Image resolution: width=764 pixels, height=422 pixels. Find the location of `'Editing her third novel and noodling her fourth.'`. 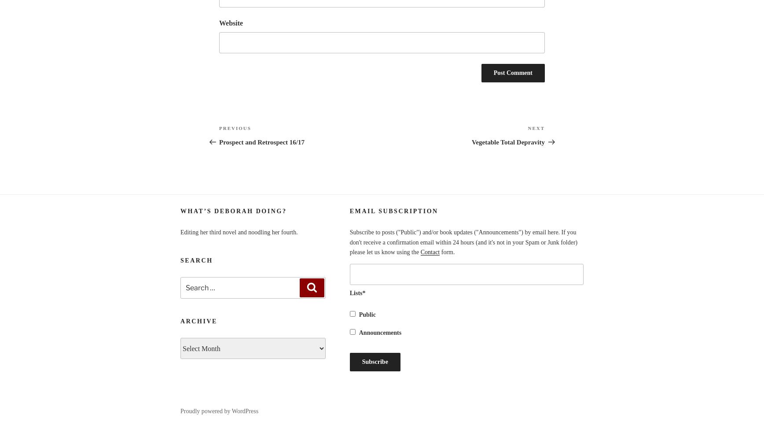

'Editing her third novel and noodling her fourth.' is located at coordinates (239, 232).